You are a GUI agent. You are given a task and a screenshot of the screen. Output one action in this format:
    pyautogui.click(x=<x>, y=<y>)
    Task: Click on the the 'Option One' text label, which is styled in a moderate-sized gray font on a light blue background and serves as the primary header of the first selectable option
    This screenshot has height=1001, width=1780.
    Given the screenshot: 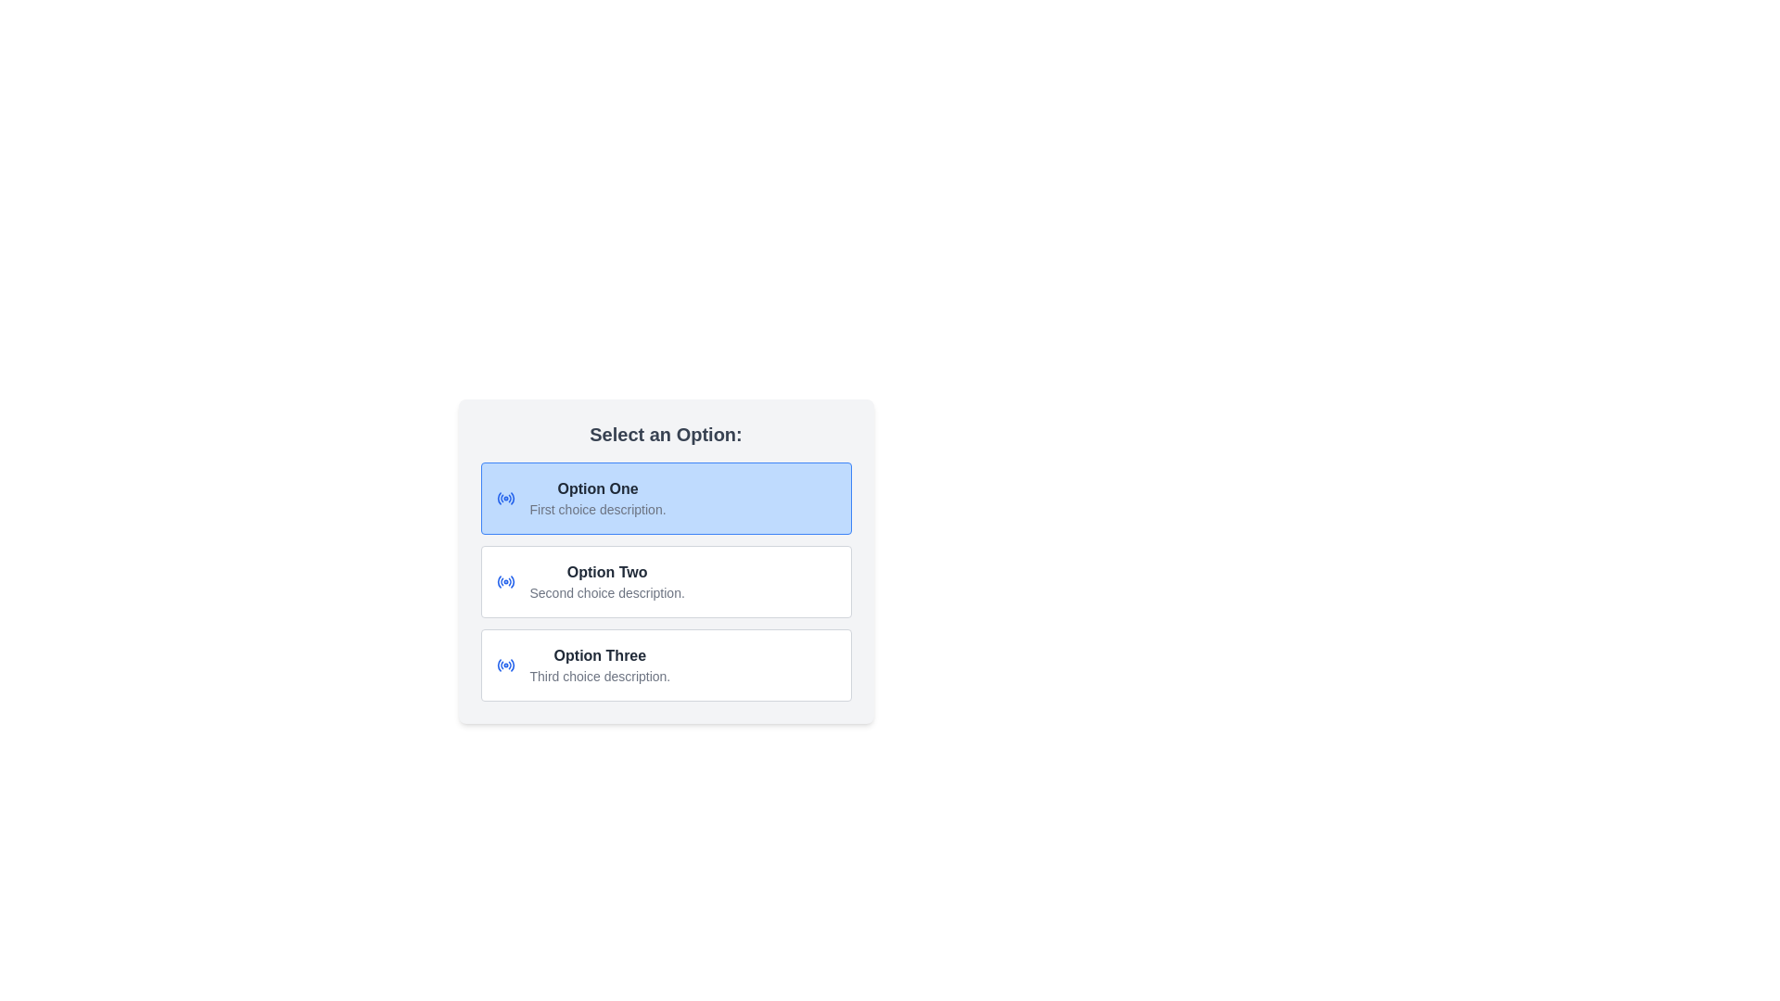 What is the action you would take?
    pyautogui.click(x=598, y=488)
    